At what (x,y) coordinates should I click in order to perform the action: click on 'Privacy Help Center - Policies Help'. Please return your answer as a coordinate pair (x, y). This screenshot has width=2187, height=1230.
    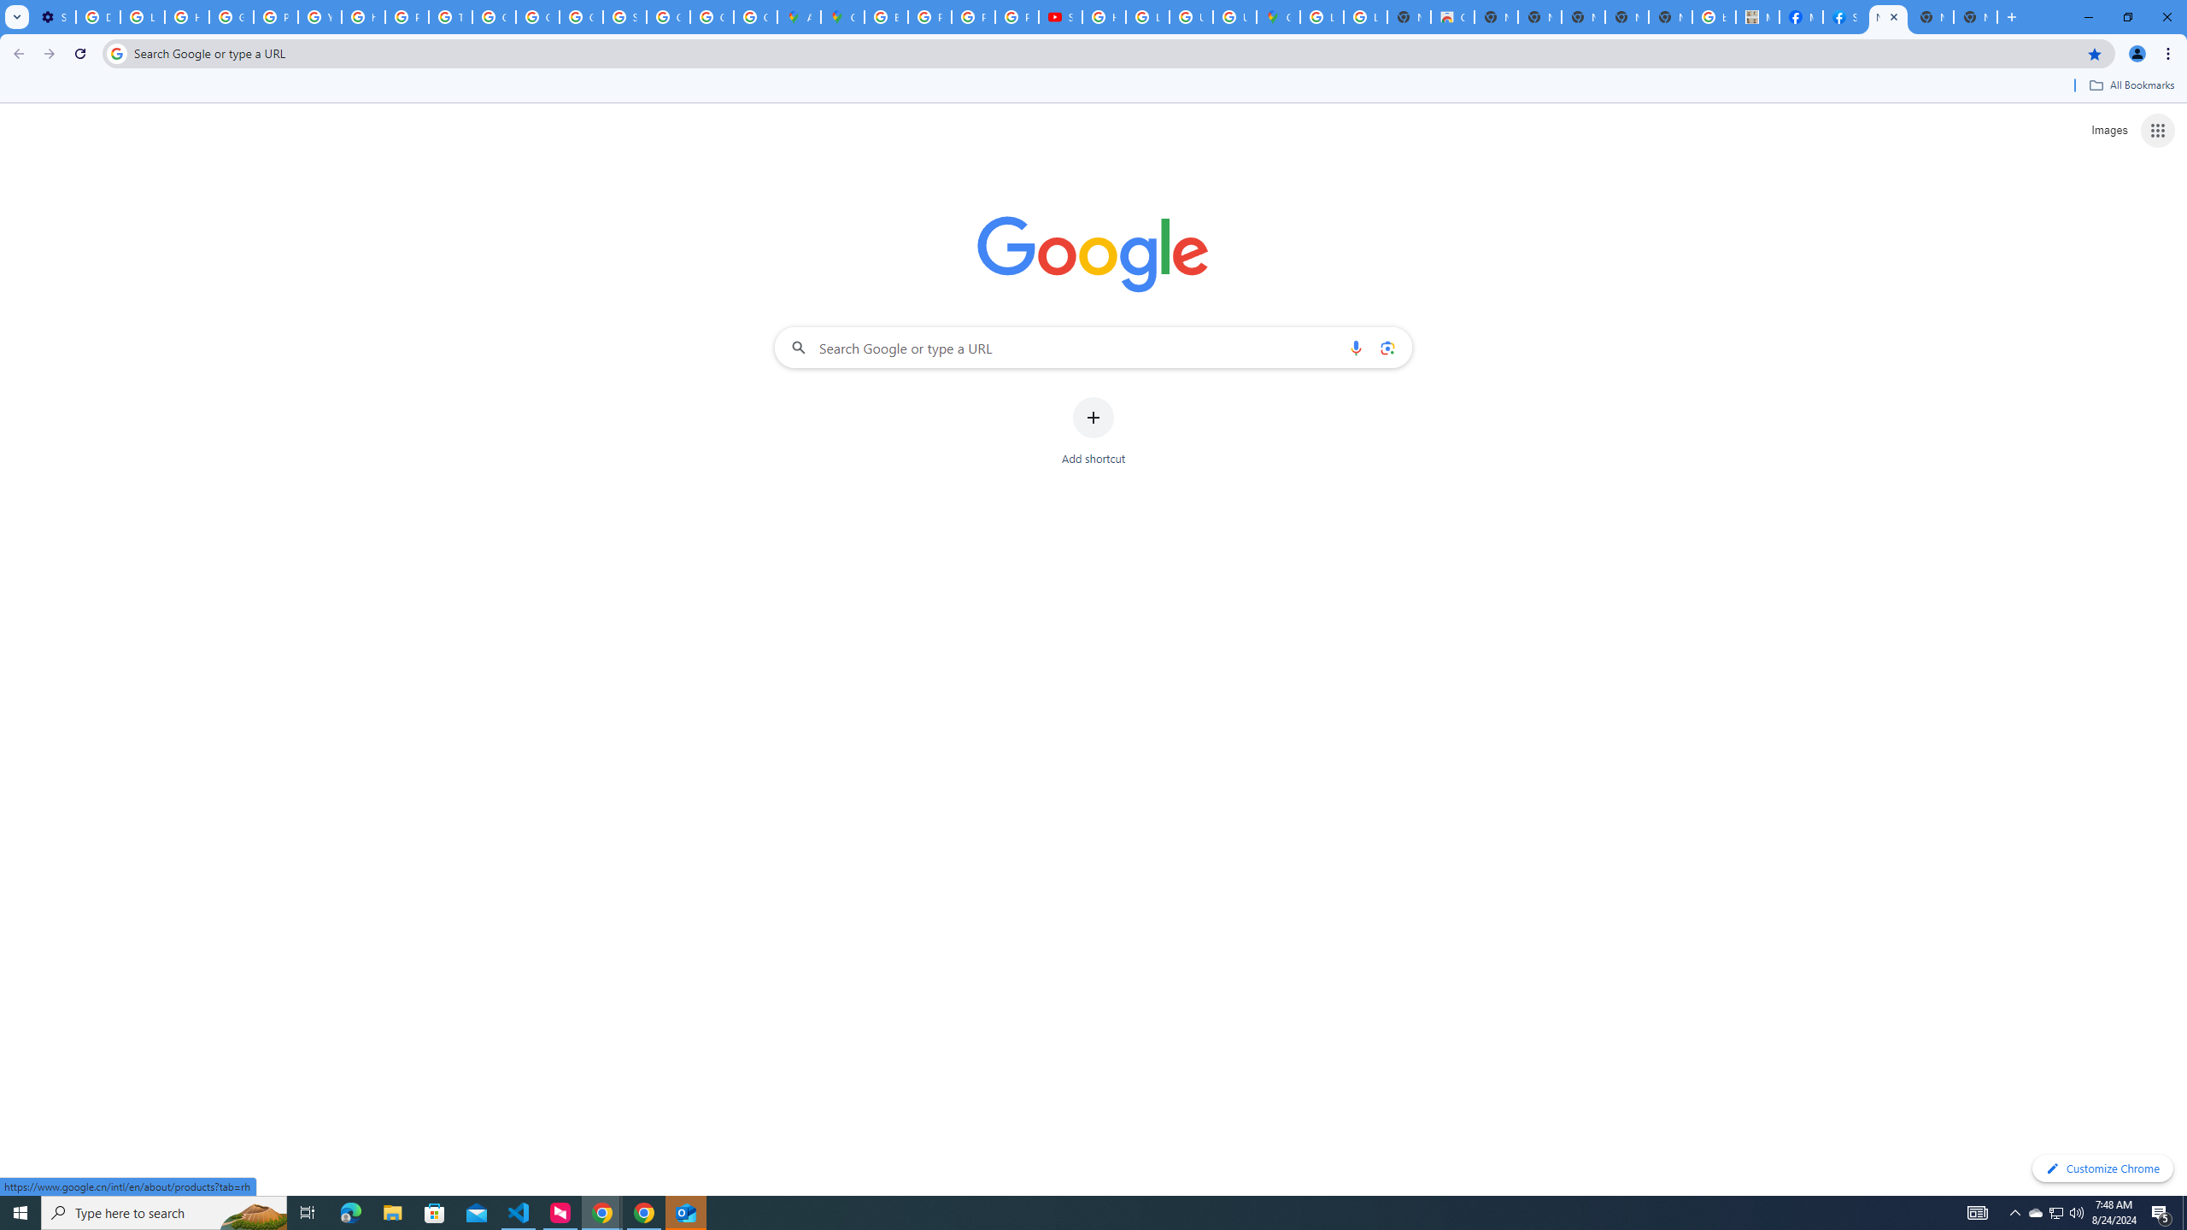
    Looking at the image, I should click on (974, 16).